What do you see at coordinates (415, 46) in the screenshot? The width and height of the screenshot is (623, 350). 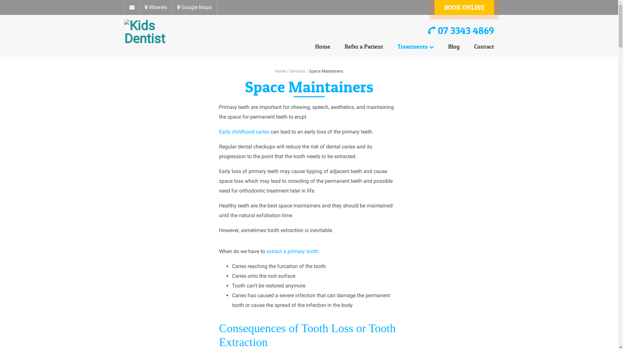 I see `'Treatments'` at bounding box center [415, 46].